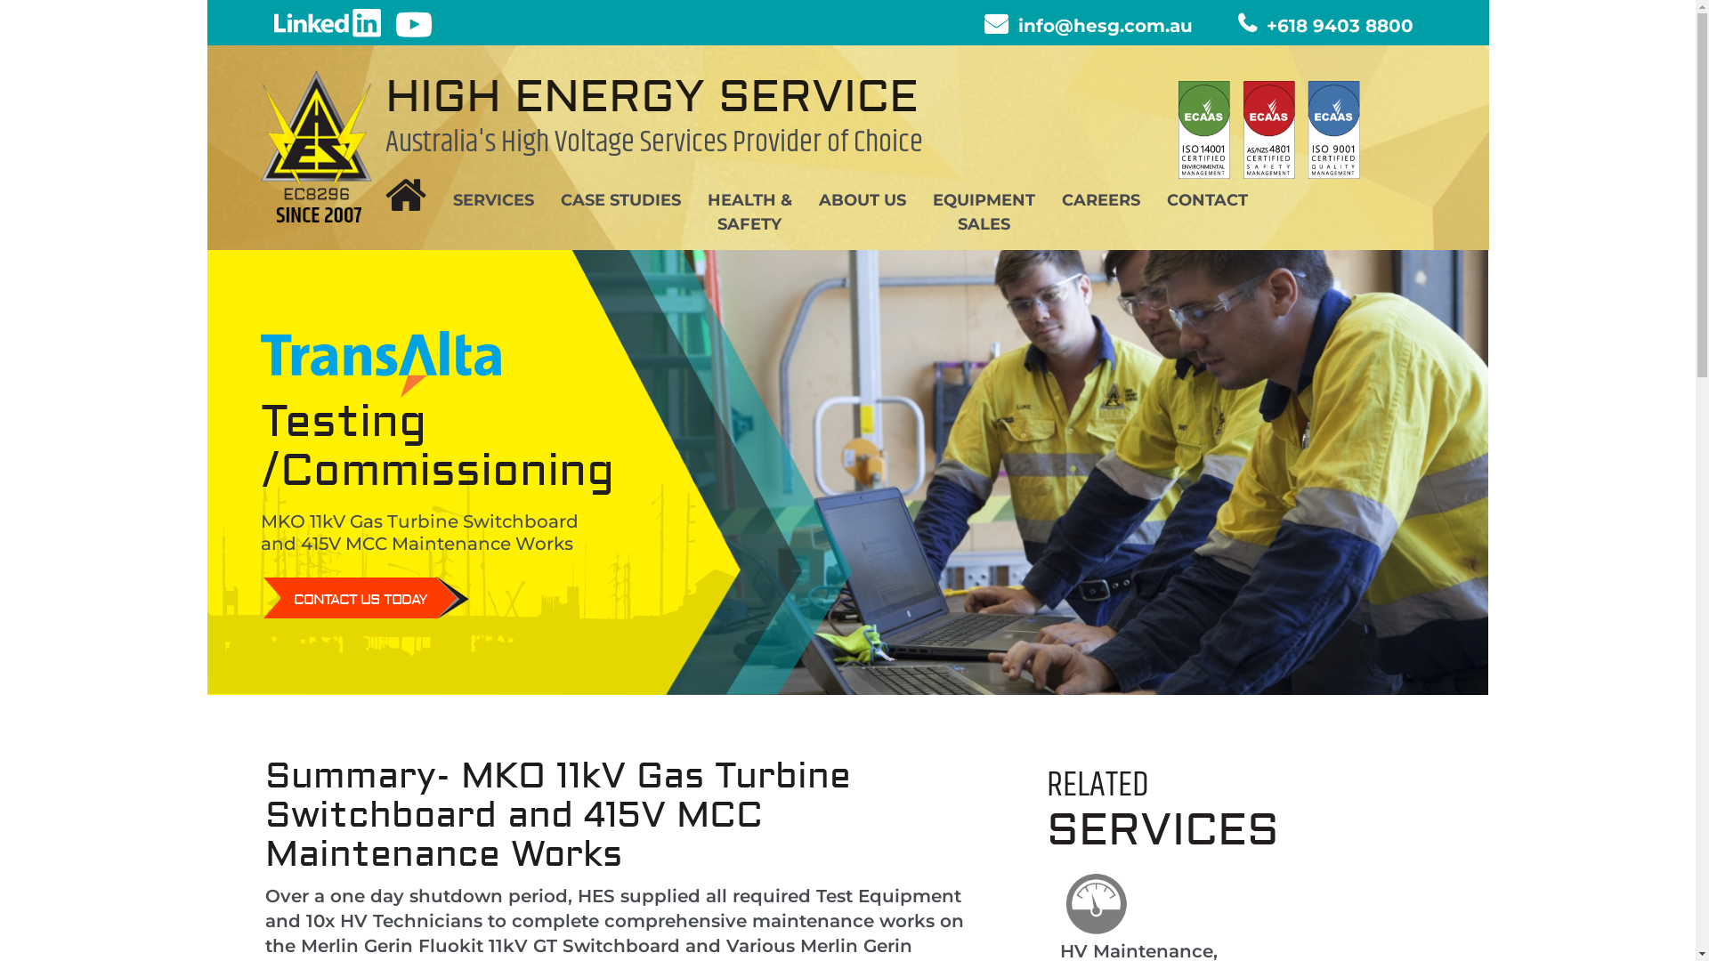  What do you see at coordinates (749, 212) in the screenshot?
I see `'HEALTH &` at bounding box center [749, 212].